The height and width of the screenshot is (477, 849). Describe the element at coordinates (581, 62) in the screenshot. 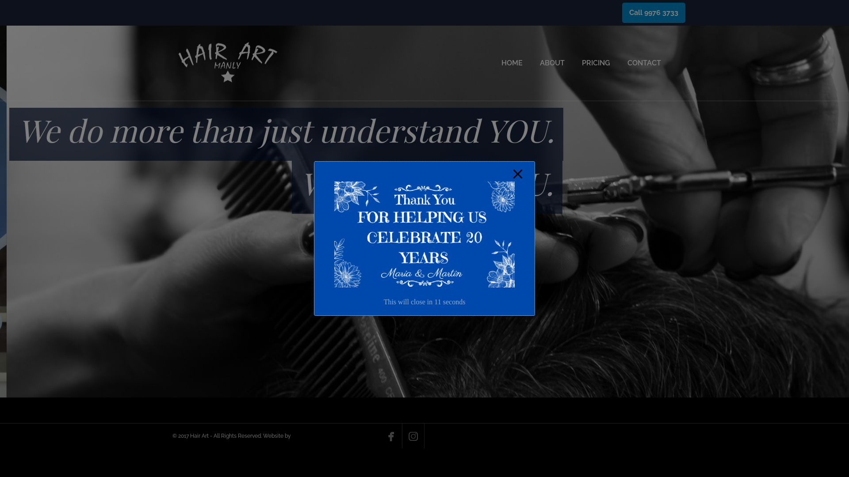

I see `'PRICING'` at that location.